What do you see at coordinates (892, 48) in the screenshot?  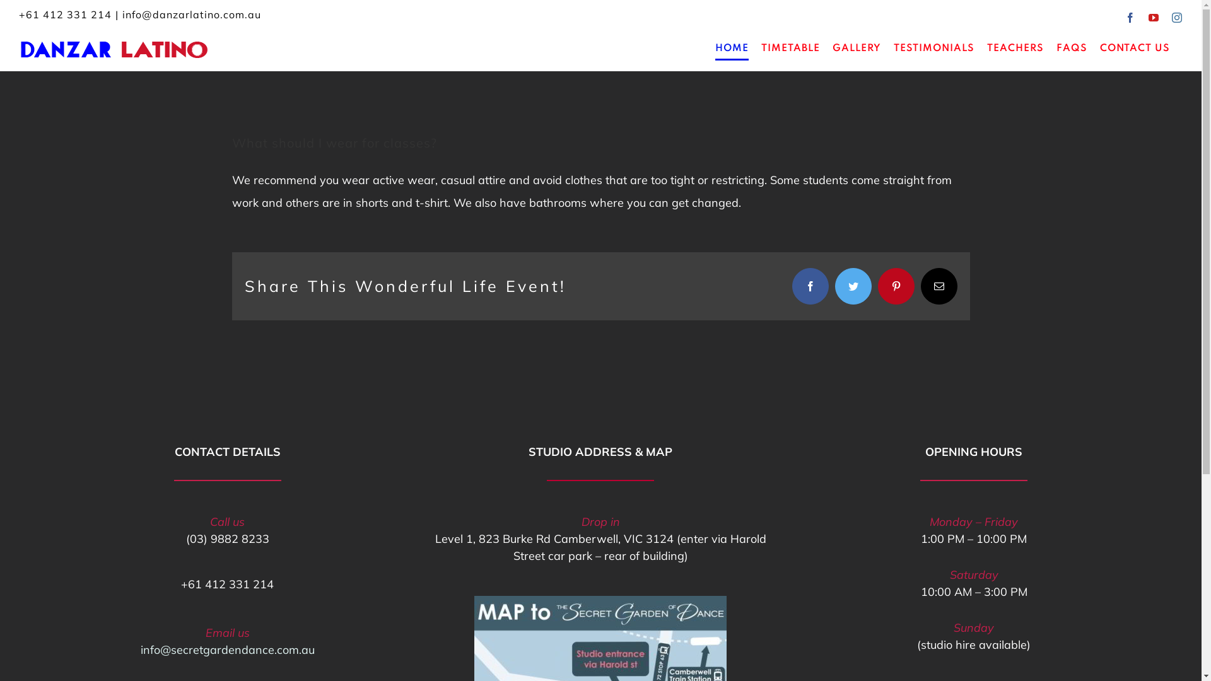 I see `'TESTIMONIALS'` at bounding box center [892, 48].